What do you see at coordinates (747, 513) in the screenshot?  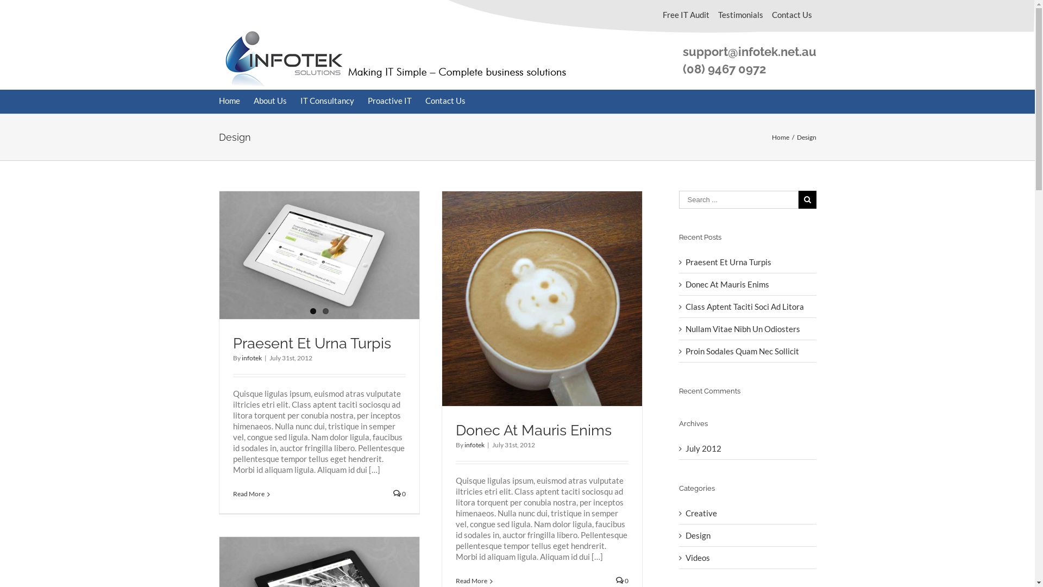 I see `'Creative'` at bounding box center [747, 513].